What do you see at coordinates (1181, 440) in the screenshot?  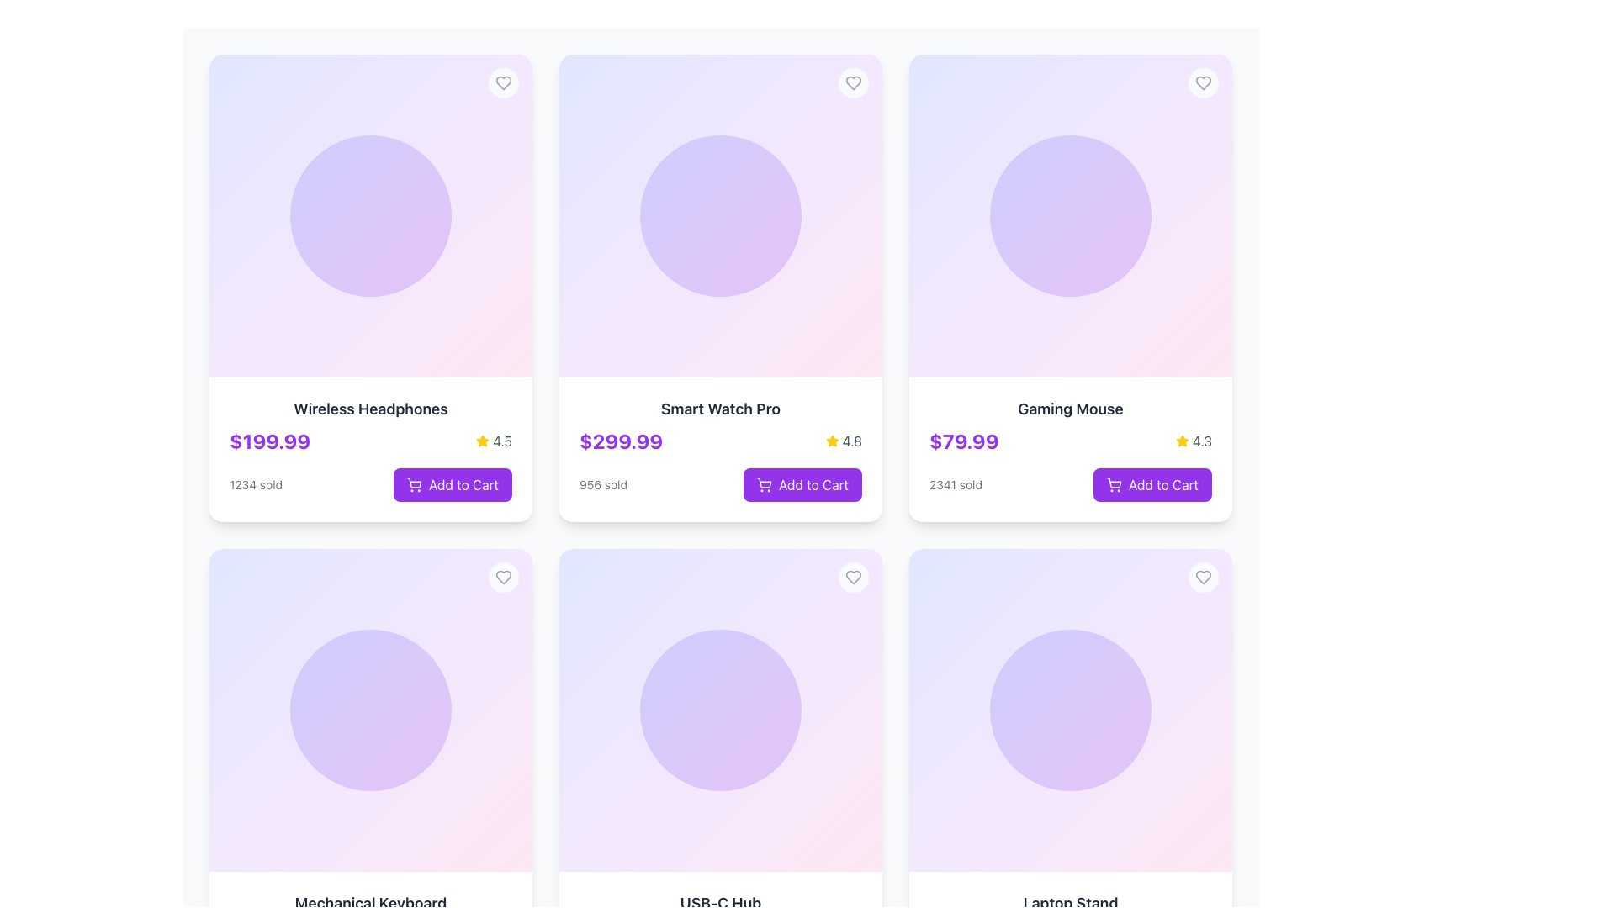 I see `the star icon indicating the rating of the product 'Gaming Mouse', which is located to the right of the numerical rating text '4.3'` at bounding box center [1181, 440].